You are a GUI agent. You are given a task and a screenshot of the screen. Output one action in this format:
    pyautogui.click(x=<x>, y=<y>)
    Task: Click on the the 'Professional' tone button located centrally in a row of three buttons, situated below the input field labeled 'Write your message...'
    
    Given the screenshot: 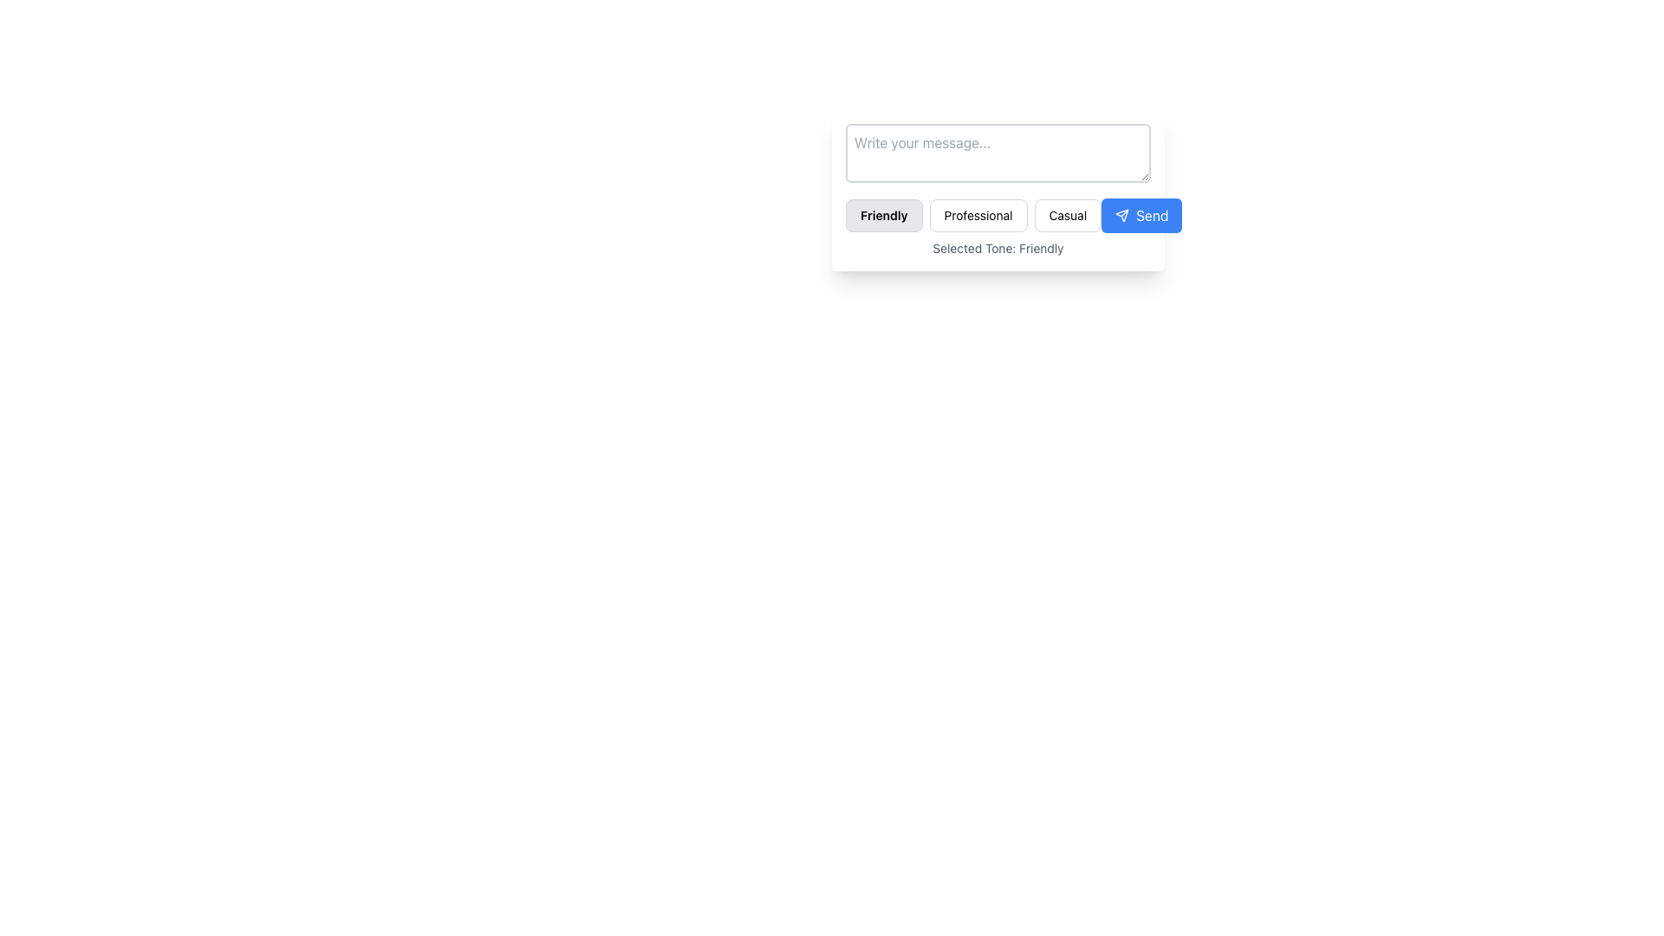 What is the action you would take?
    pyautogui.click(x=978, y=215)
    